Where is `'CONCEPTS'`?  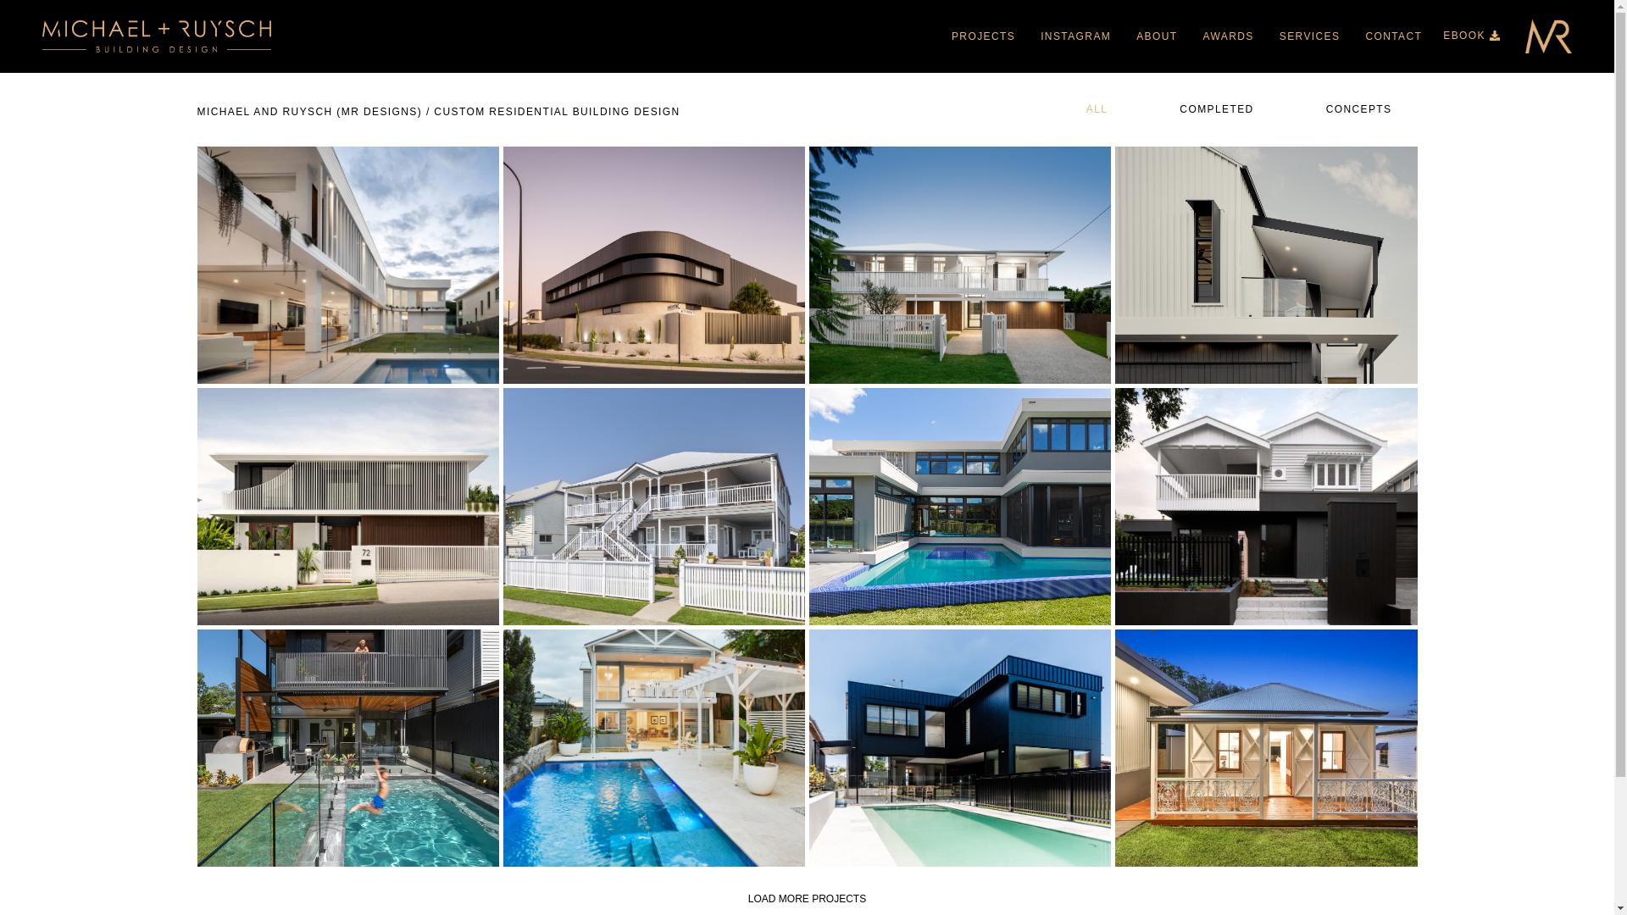 'CONCEPTS' is located at coordinates (1357, 111).